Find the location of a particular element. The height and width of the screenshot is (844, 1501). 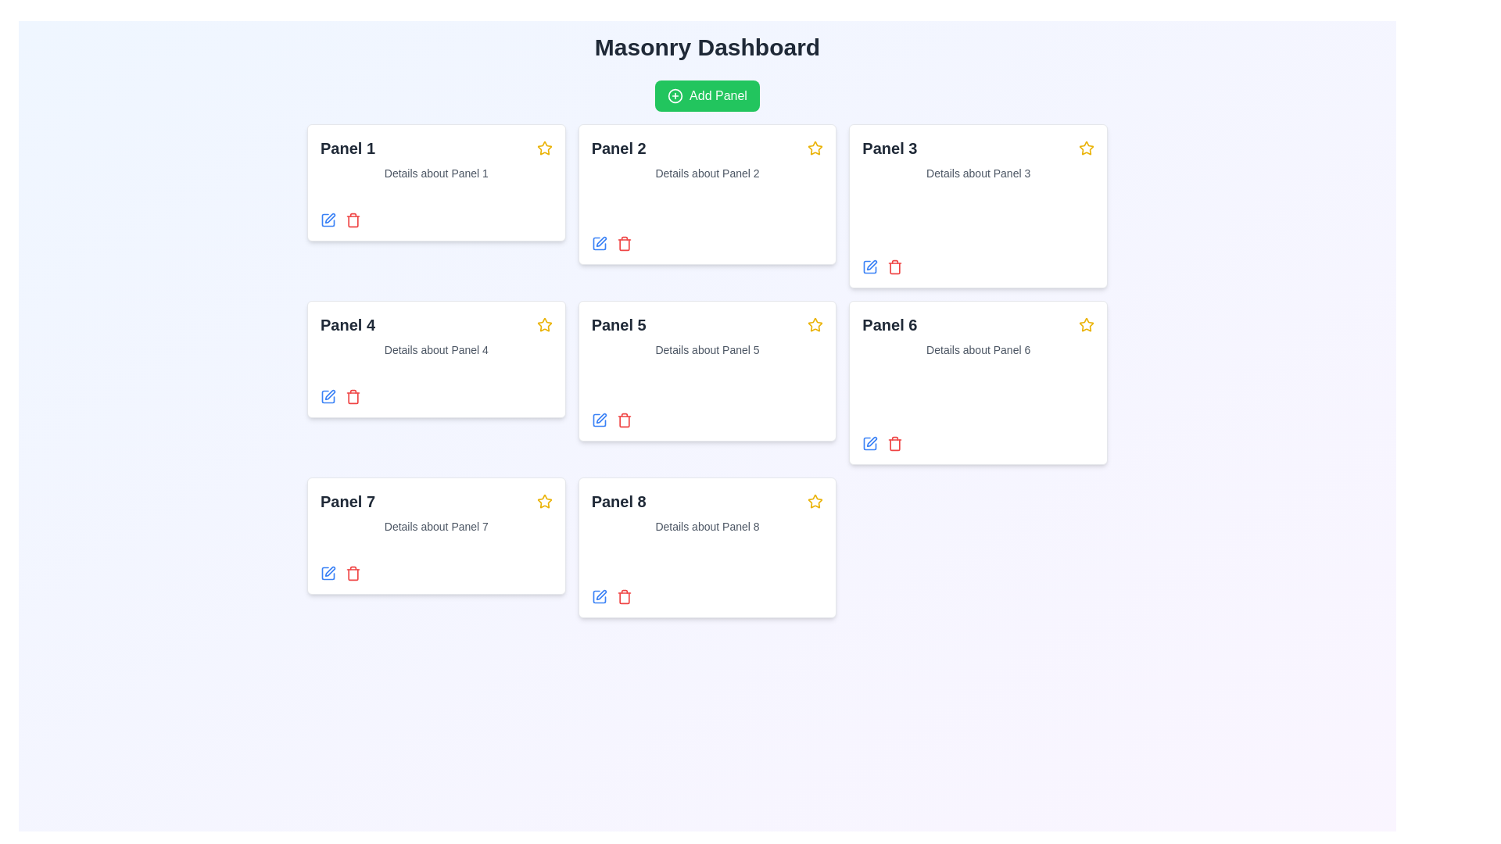

the Icon button in the action bar of 'Panel 3' to change its color is located at coordinates (869, 266).